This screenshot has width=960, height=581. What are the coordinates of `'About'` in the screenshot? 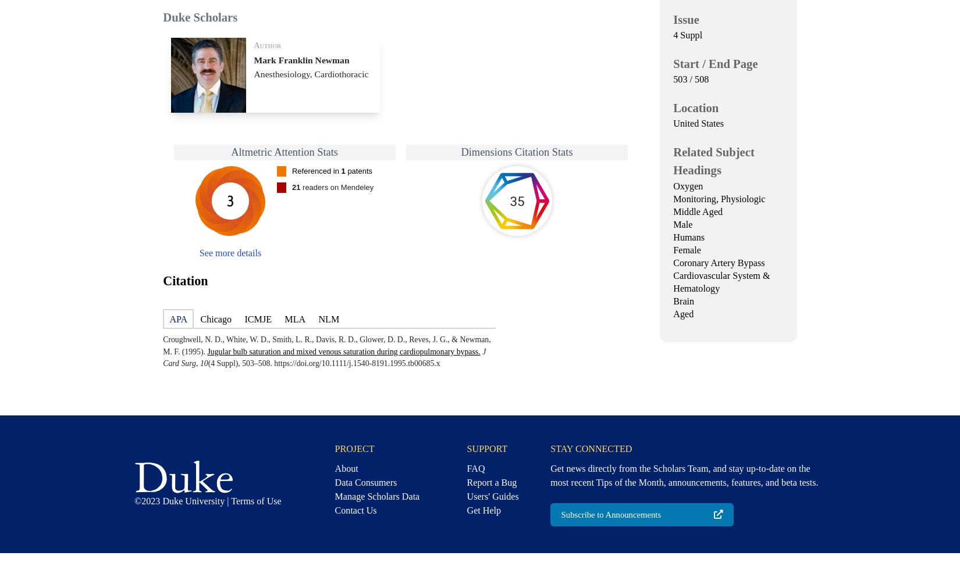 It's located at (345, 468).